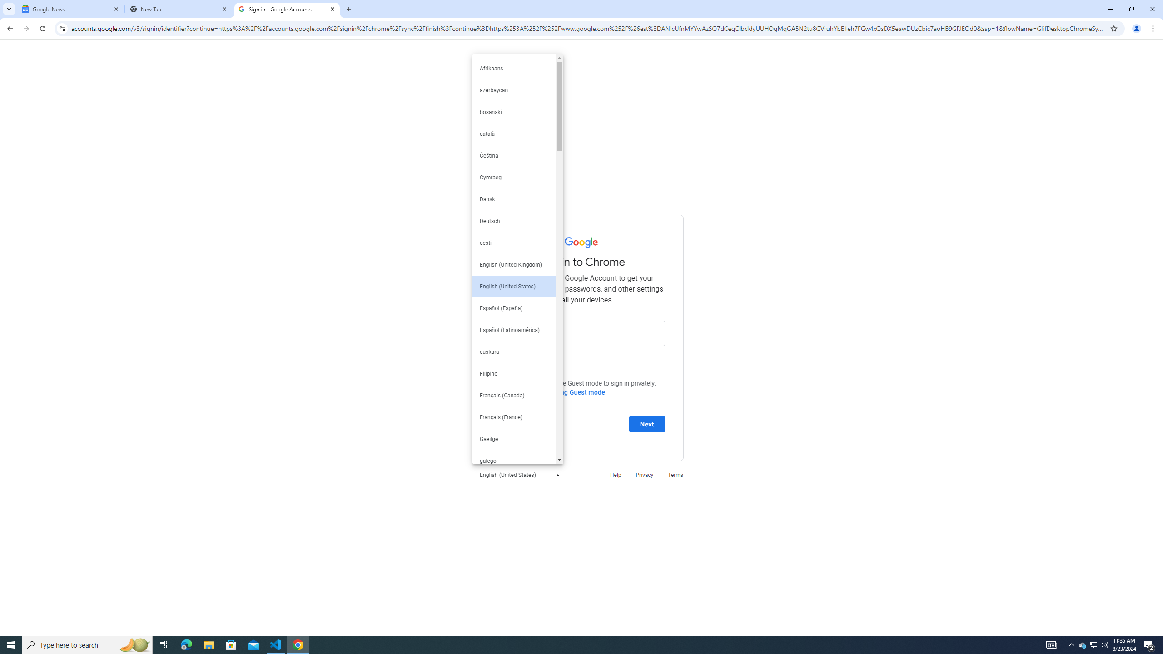  What do you see at coordinates (287, 9) in the screenshot?
I see `'Sign in - Google Accounts'` at bounding box center [287, 9].